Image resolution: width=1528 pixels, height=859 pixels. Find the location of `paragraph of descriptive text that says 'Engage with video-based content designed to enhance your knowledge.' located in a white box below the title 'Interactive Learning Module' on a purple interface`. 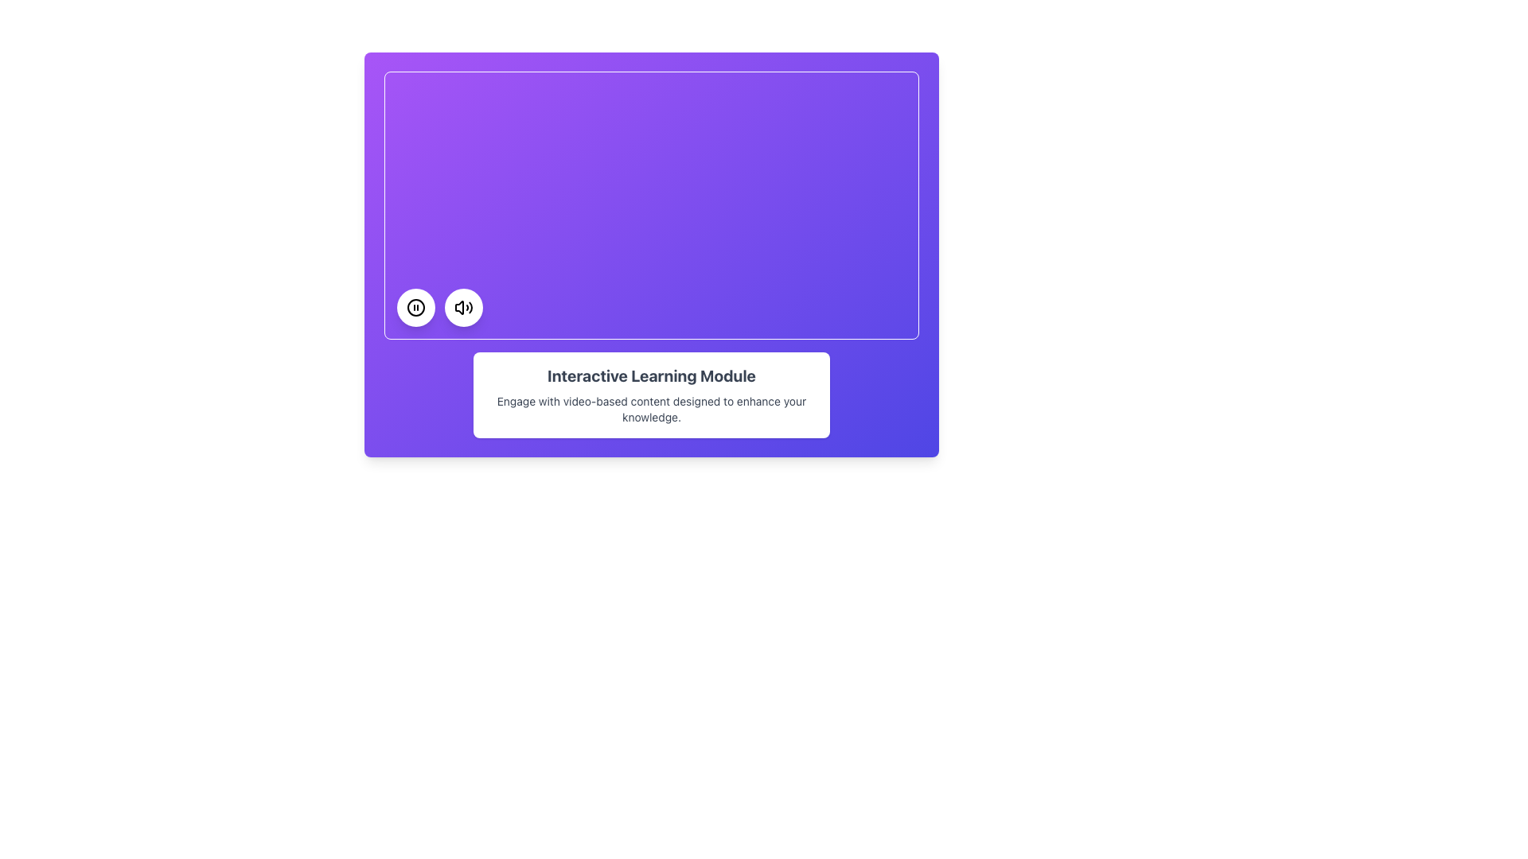

paragraph of descriptive text that says 'Engage with video-based content designed to enhance your knowledge.' located in a white box below the title 'Interactive Learning Module' on a purple interface is located at coordinates (652, 409).